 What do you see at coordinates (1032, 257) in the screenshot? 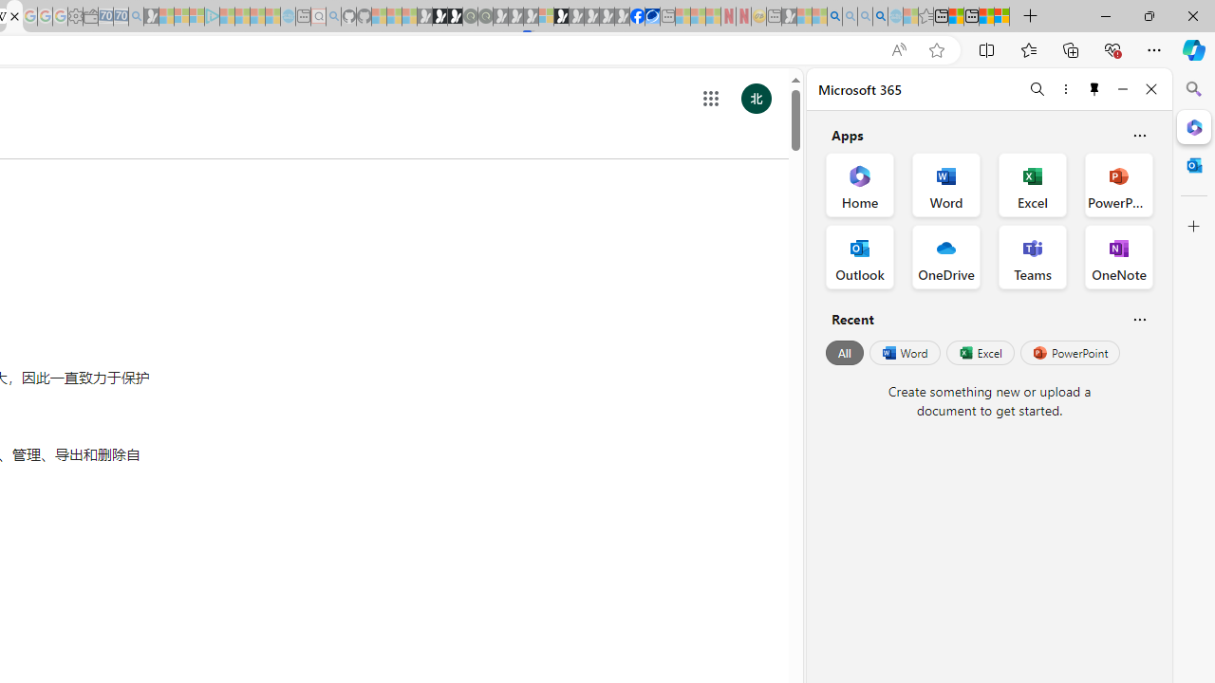
I see `'Teams Office App'` at bounding box center [1032, 257].